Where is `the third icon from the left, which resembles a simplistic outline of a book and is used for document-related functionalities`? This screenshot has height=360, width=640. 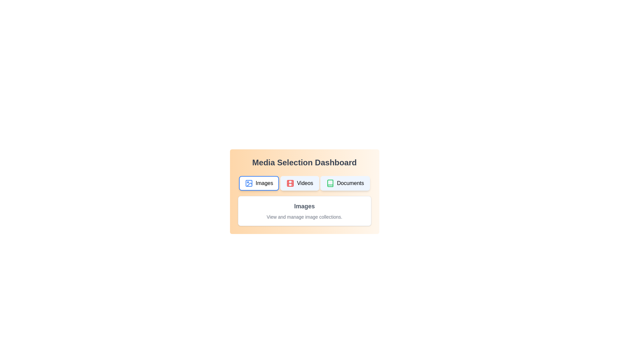
the third icon from the left, which resembles a simplistic outline of a book and is used for document-related functionalities is located at coordinates (330, 183).